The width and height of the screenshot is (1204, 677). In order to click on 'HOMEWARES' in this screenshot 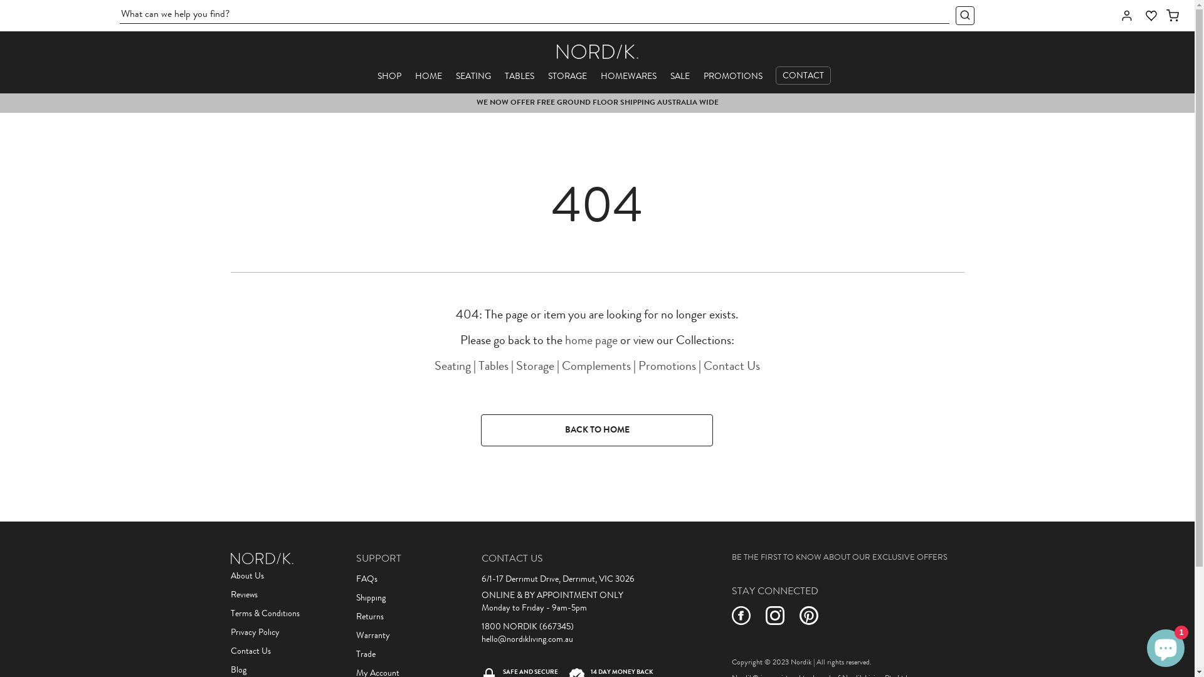, I will do `click(628, 76)`.